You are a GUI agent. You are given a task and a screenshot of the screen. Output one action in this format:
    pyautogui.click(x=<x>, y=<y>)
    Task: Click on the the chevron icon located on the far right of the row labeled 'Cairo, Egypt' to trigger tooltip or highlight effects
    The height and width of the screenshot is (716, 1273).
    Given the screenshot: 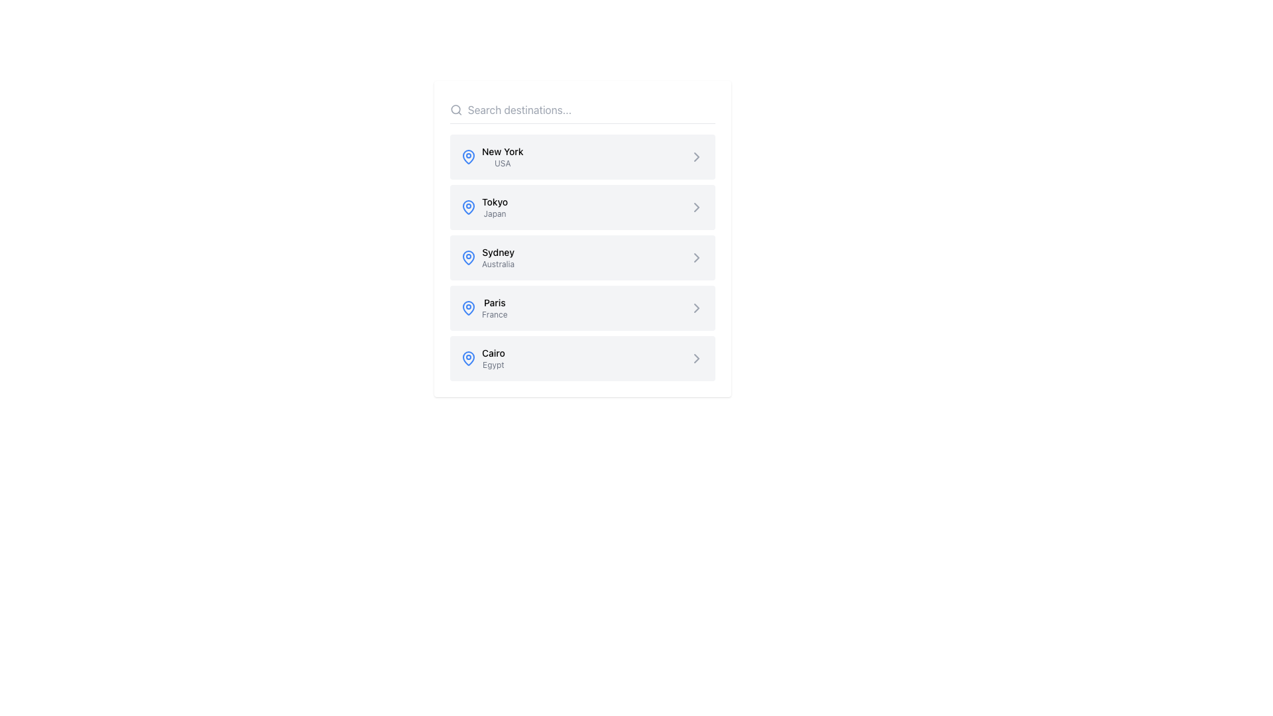 What is the action you would take?
    pyautogui.click(x=696, y=358)
    